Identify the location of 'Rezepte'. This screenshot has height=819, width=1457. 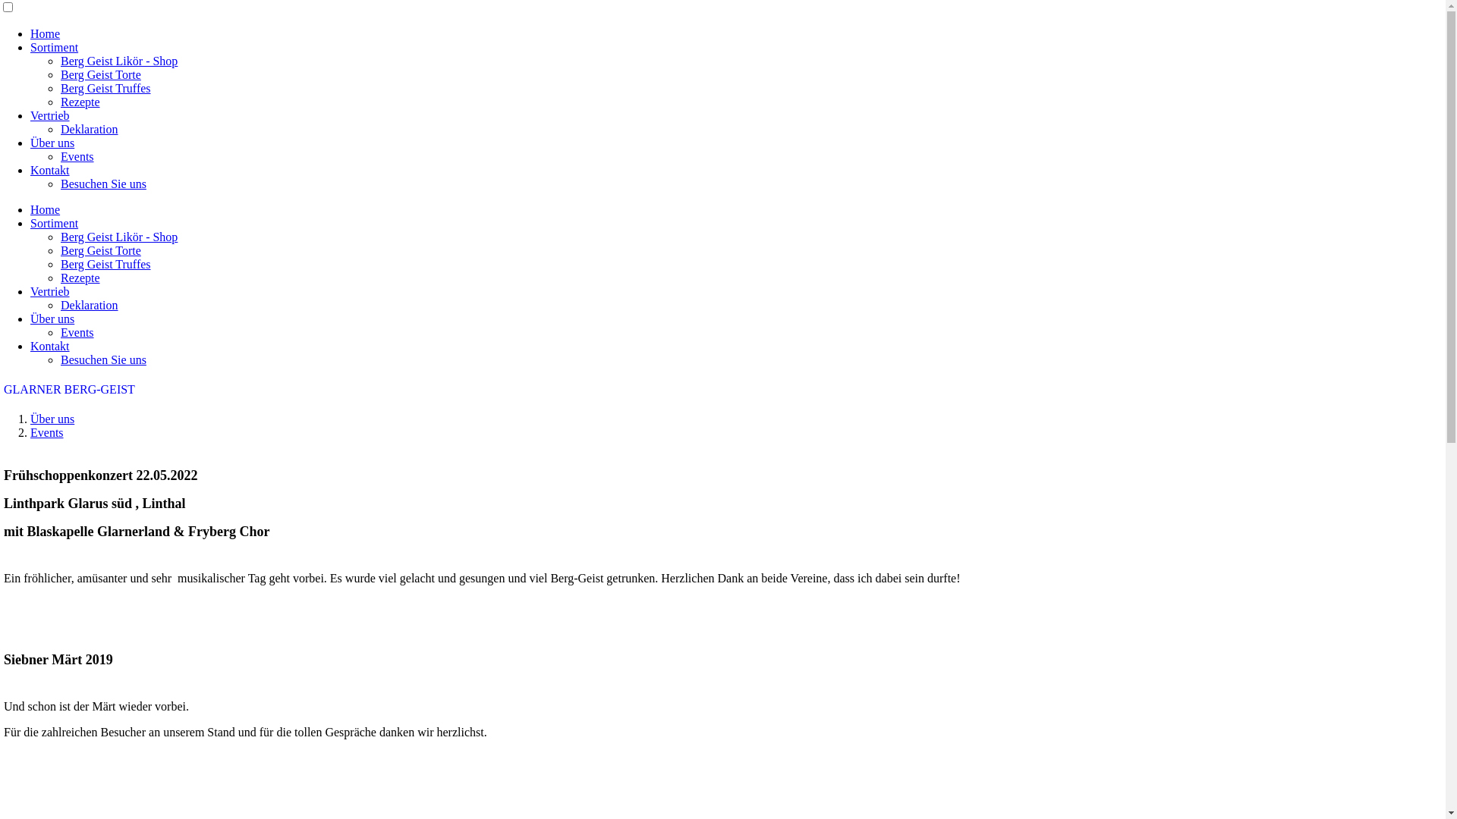
(79, 278).